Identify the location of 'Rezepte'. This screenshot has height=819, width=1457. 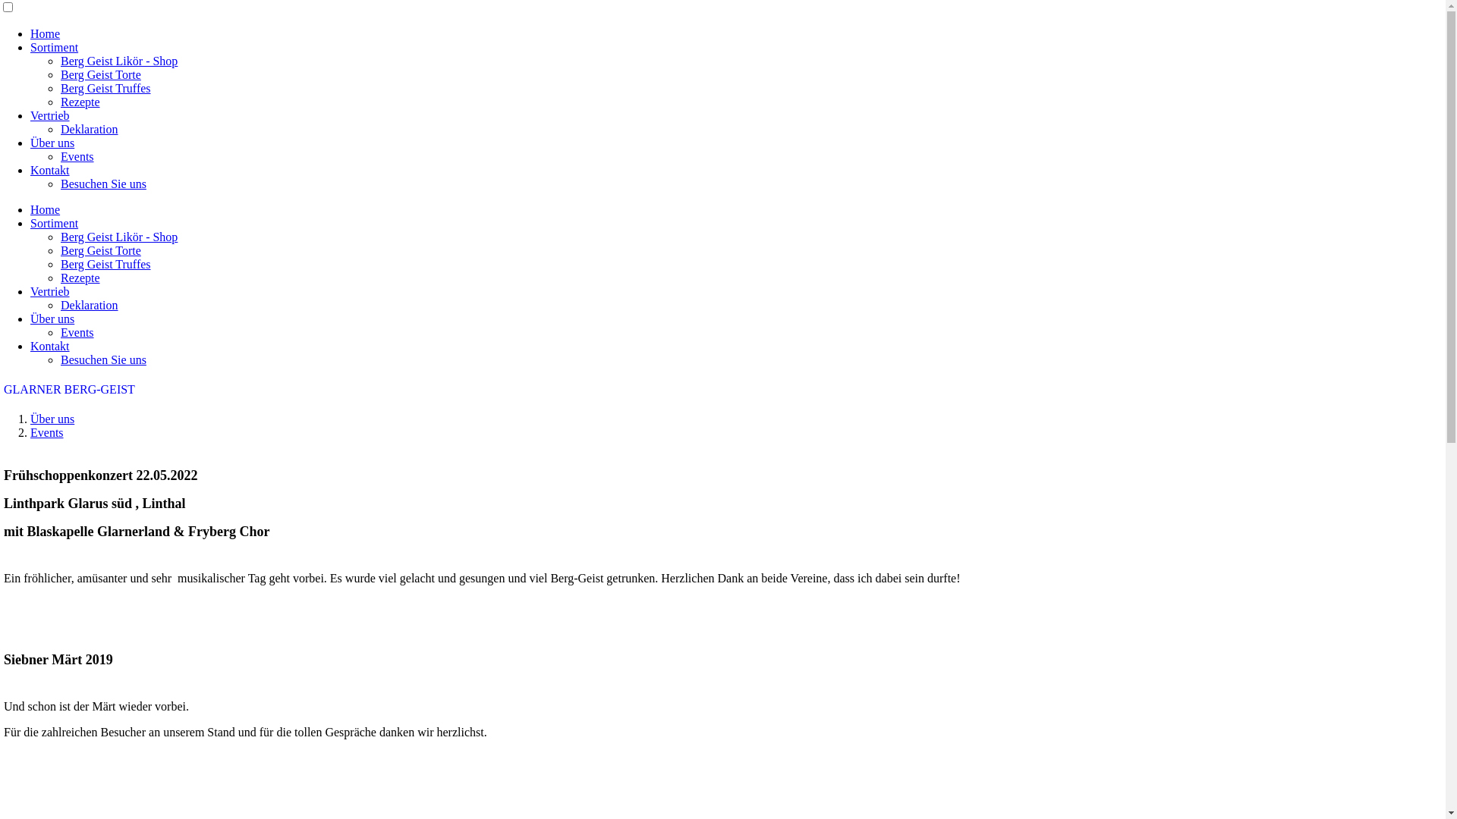
(79, 278).